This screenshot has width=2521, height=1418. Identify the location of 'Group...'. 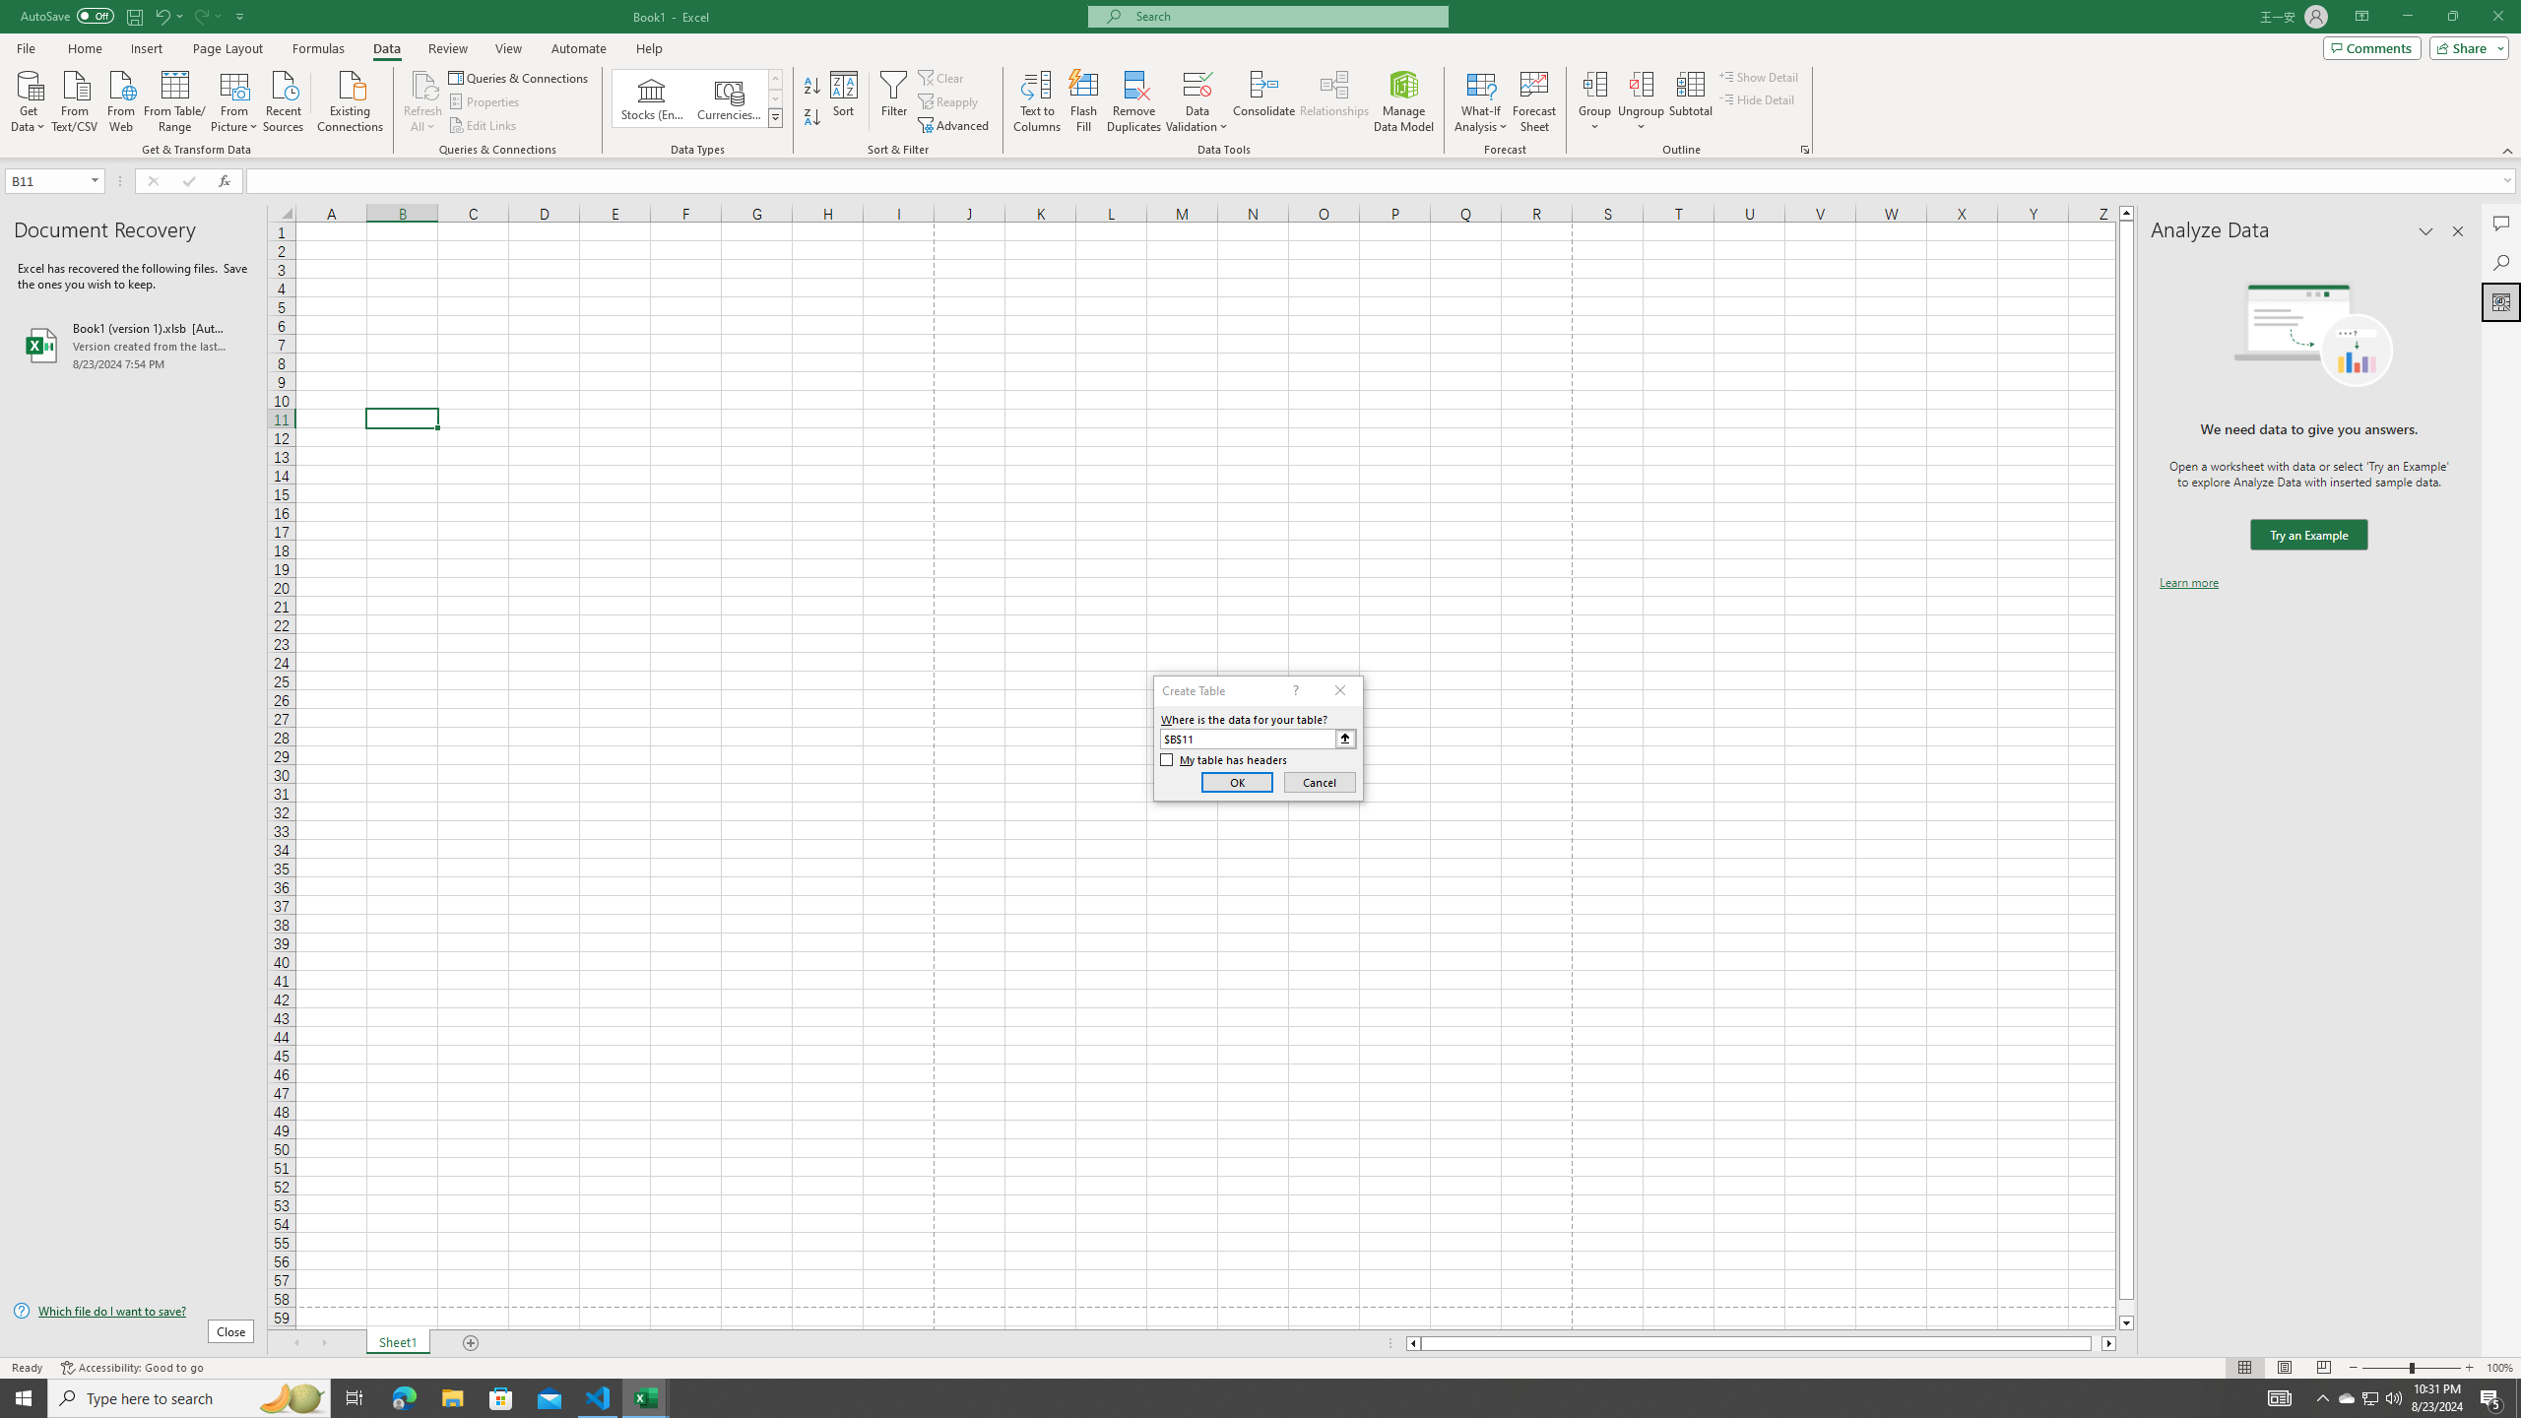
(1594, 83).